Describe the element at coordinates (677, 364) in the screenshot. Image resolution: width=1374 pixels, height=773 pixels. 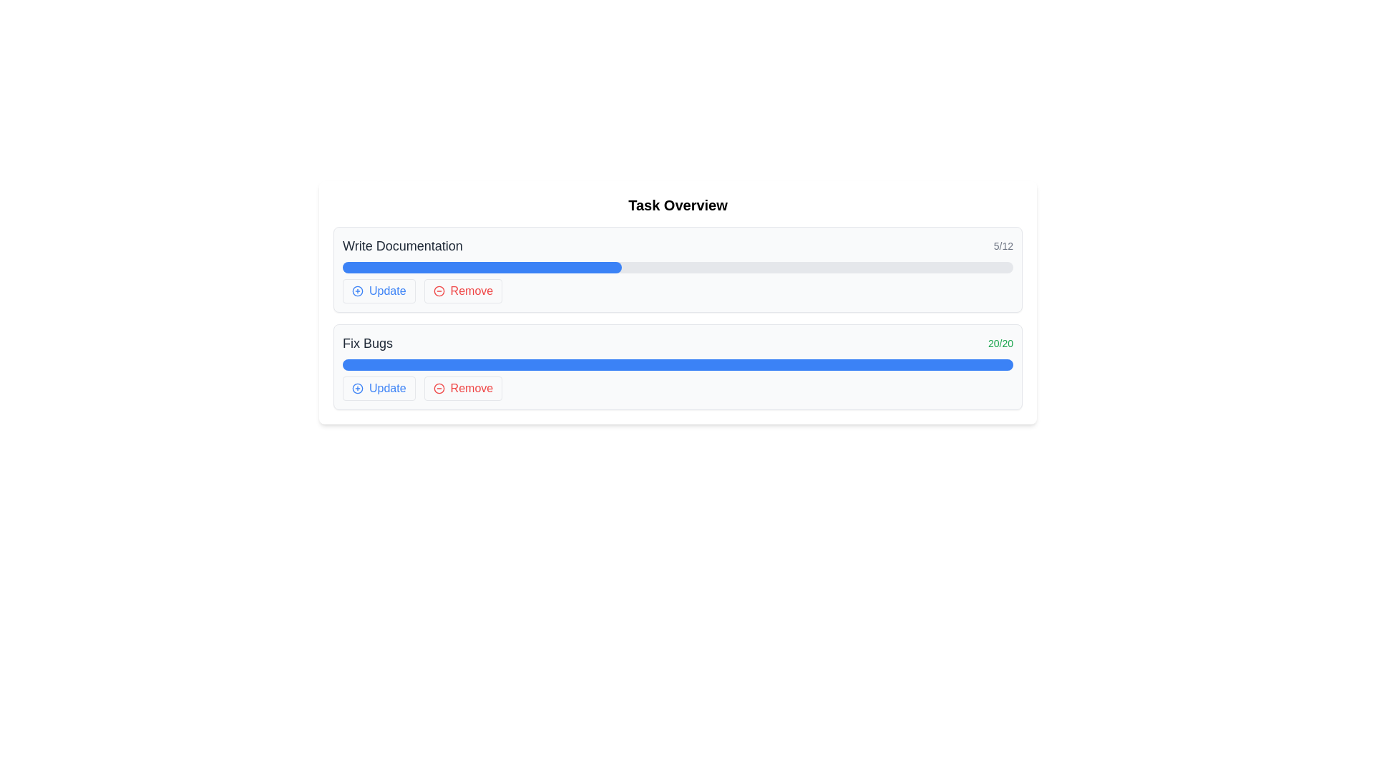
I see `the horizontal progress bar associated with the 'Fix Bugs' task, which is located in the lower task card and has a blue filled portion indicating progress` at that location.